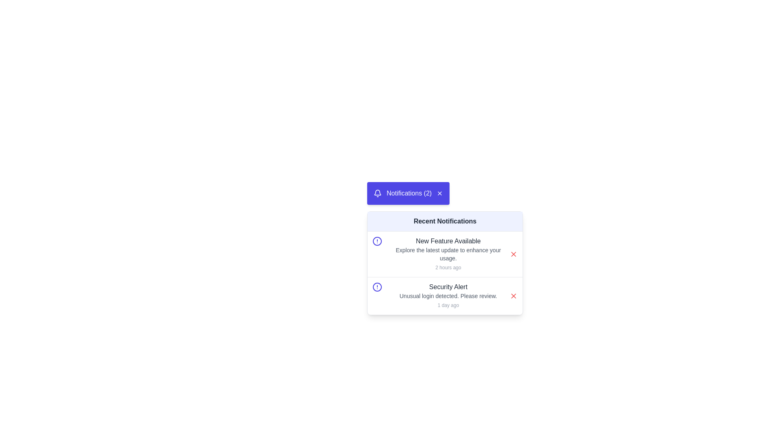  I want to click on the security icon in the 'Security Alert' notification block, so click(445, 296).